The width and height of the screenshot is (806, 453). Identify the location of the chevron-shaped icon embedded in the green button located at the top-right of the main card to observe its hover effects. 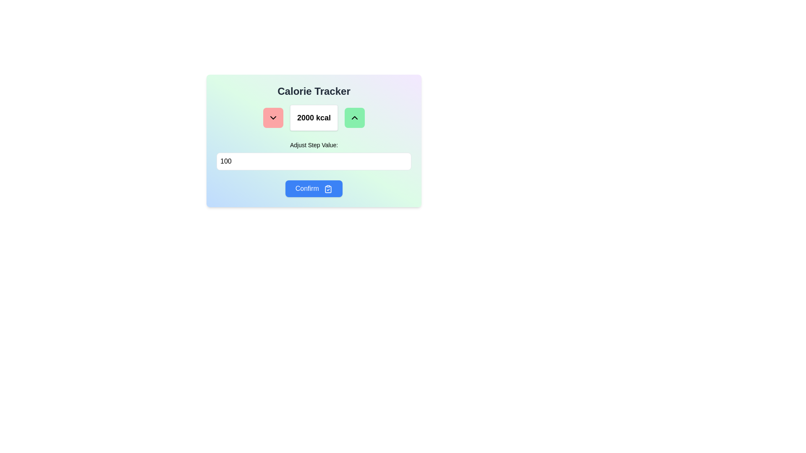
(354, 118).